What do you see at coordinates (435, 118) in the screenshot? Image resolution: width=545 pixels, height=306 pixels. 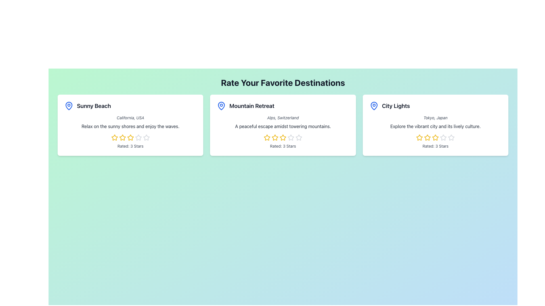 I see `text displayed in the Text Label located beneath the title 'City Lights' within the rightmost card of three horizontally aligned cards` at bounding box center [435, 118].